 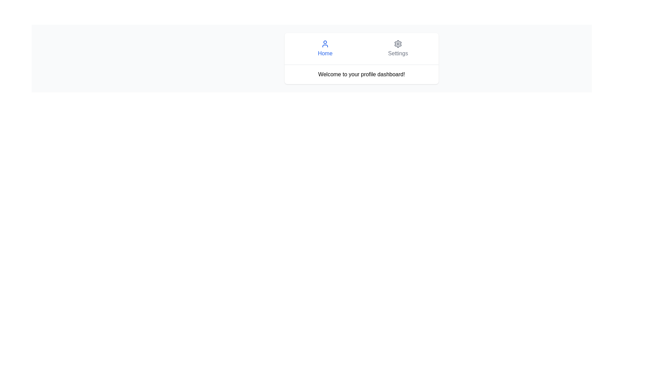 What do you see at coordinates (361, 74) in the screenshot?
I see `welcome message text label located at the lower part of the profile dashboard, centered below the 'Home' and 'Settings' navigation links` at bounding box center [361, 74].